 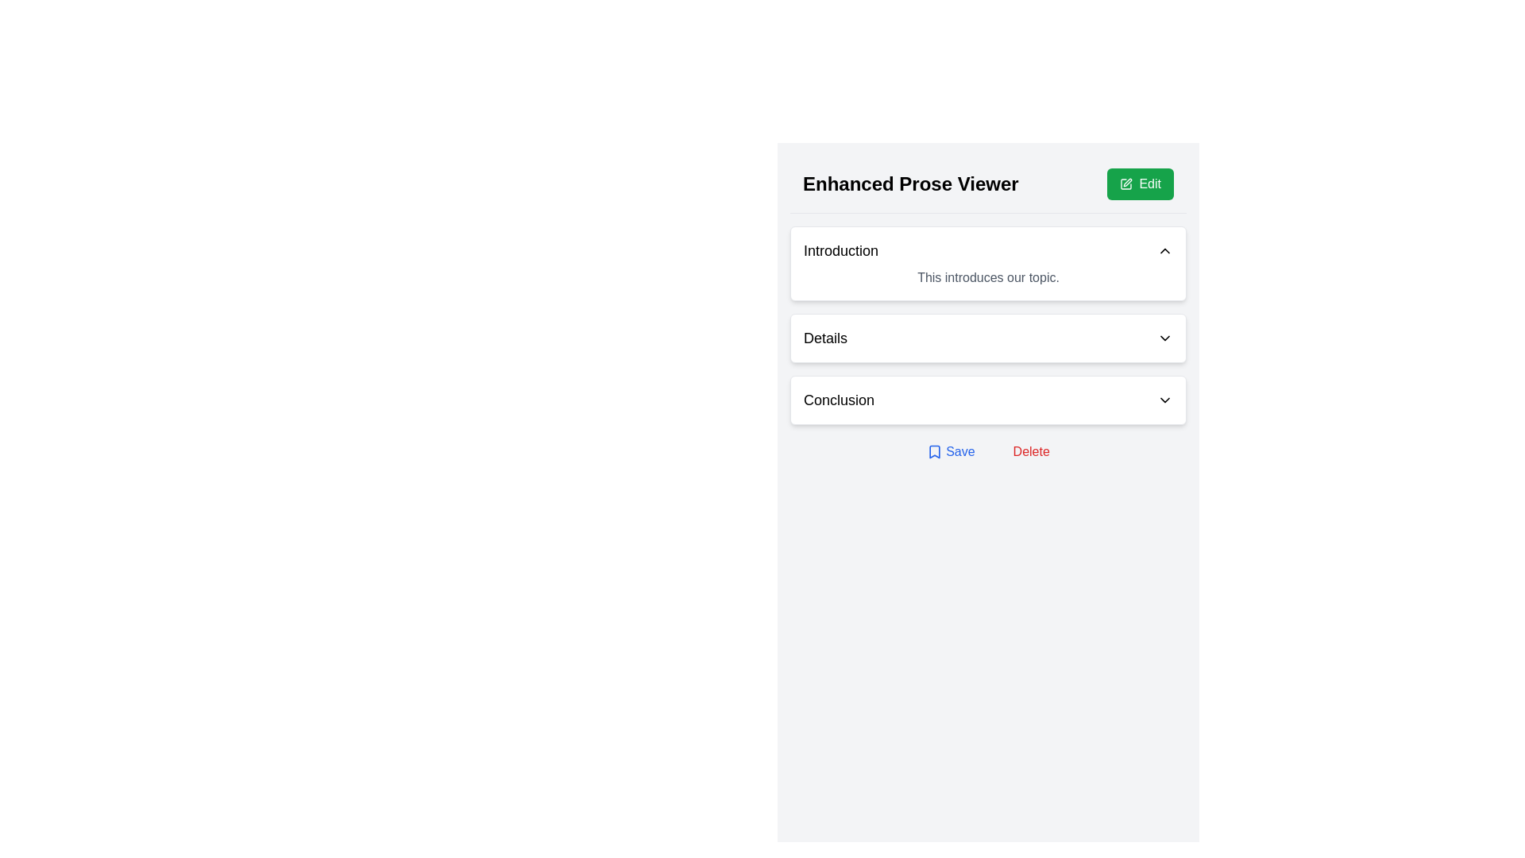 What do you see at coordinates (987, 452) in the screenshot?
I see `the Save button in the Horizontal button group located at the bottom of the panel below the 'Conclusion' section` at bounding box center [987, 452].